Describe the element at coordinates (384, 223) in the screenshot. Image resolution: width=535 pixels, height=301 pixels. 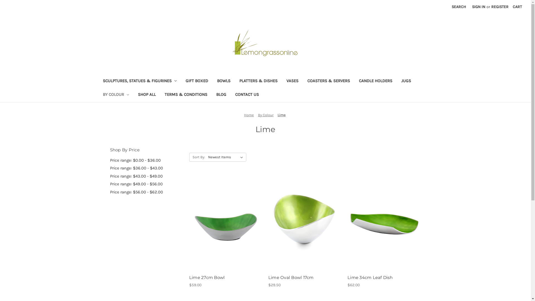
I see `'Lime 34cm Leaf Dish'` at that location.